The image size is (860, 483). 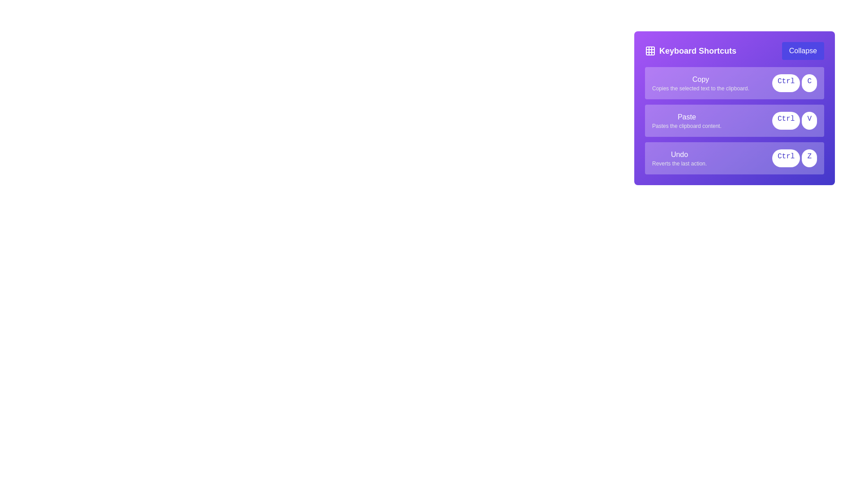 I want to click on the light gray text label stating 'Pastes the clipboard content.' which is located beneath the bold 'Paste' label, so click(x=686, y=126).